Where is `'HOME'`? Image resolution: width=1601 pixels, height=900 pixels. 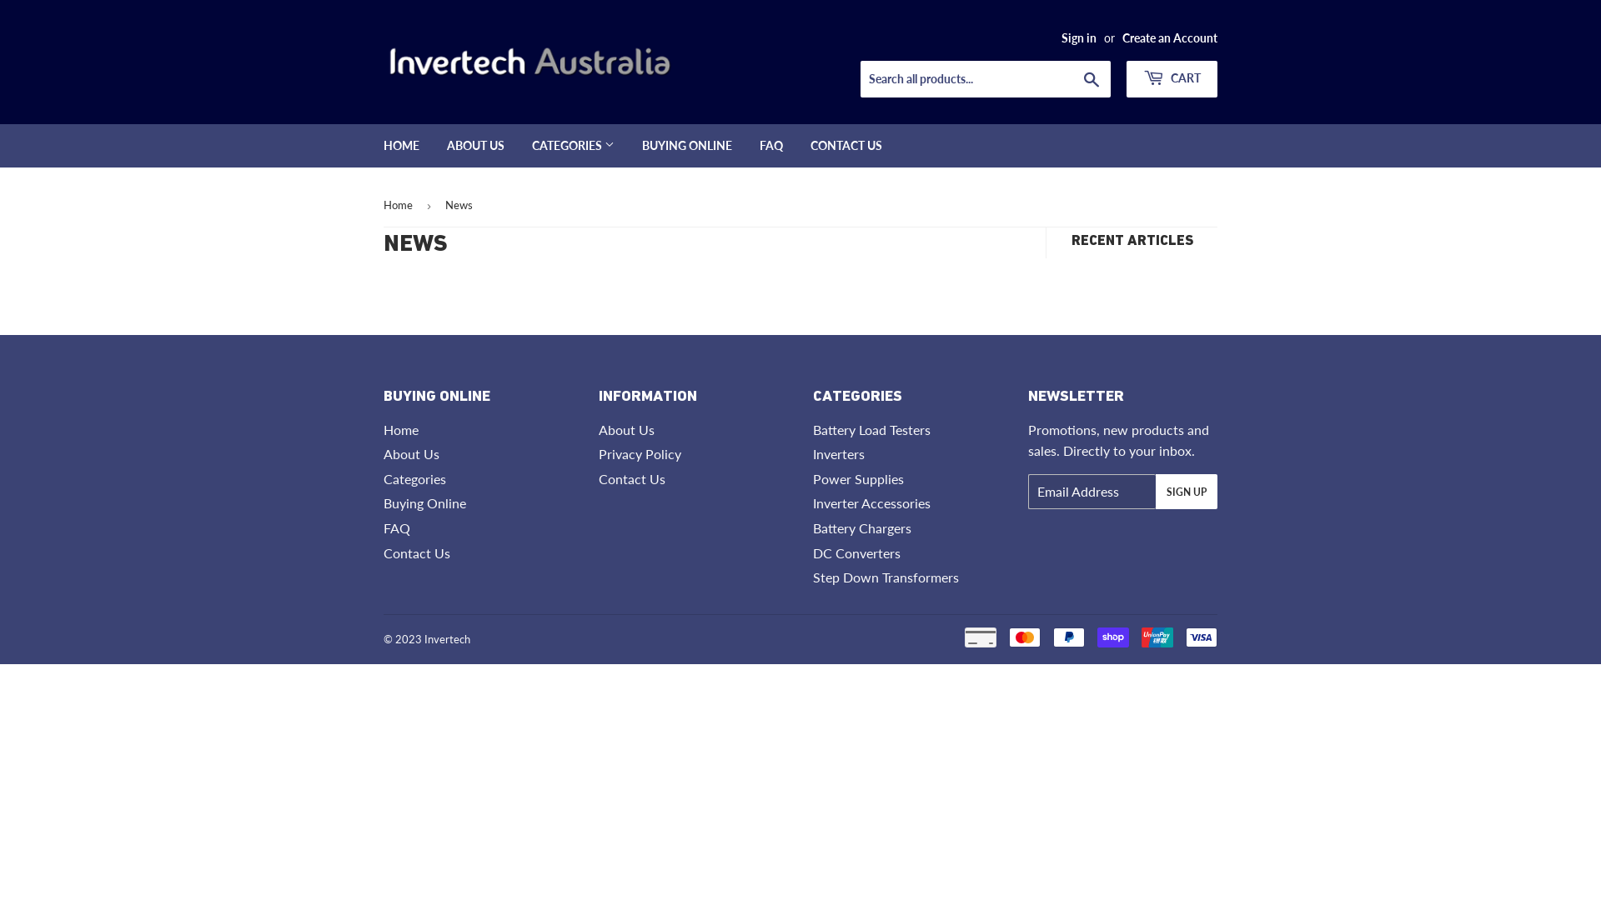 'HOME' is located at coordinates (401, 144).